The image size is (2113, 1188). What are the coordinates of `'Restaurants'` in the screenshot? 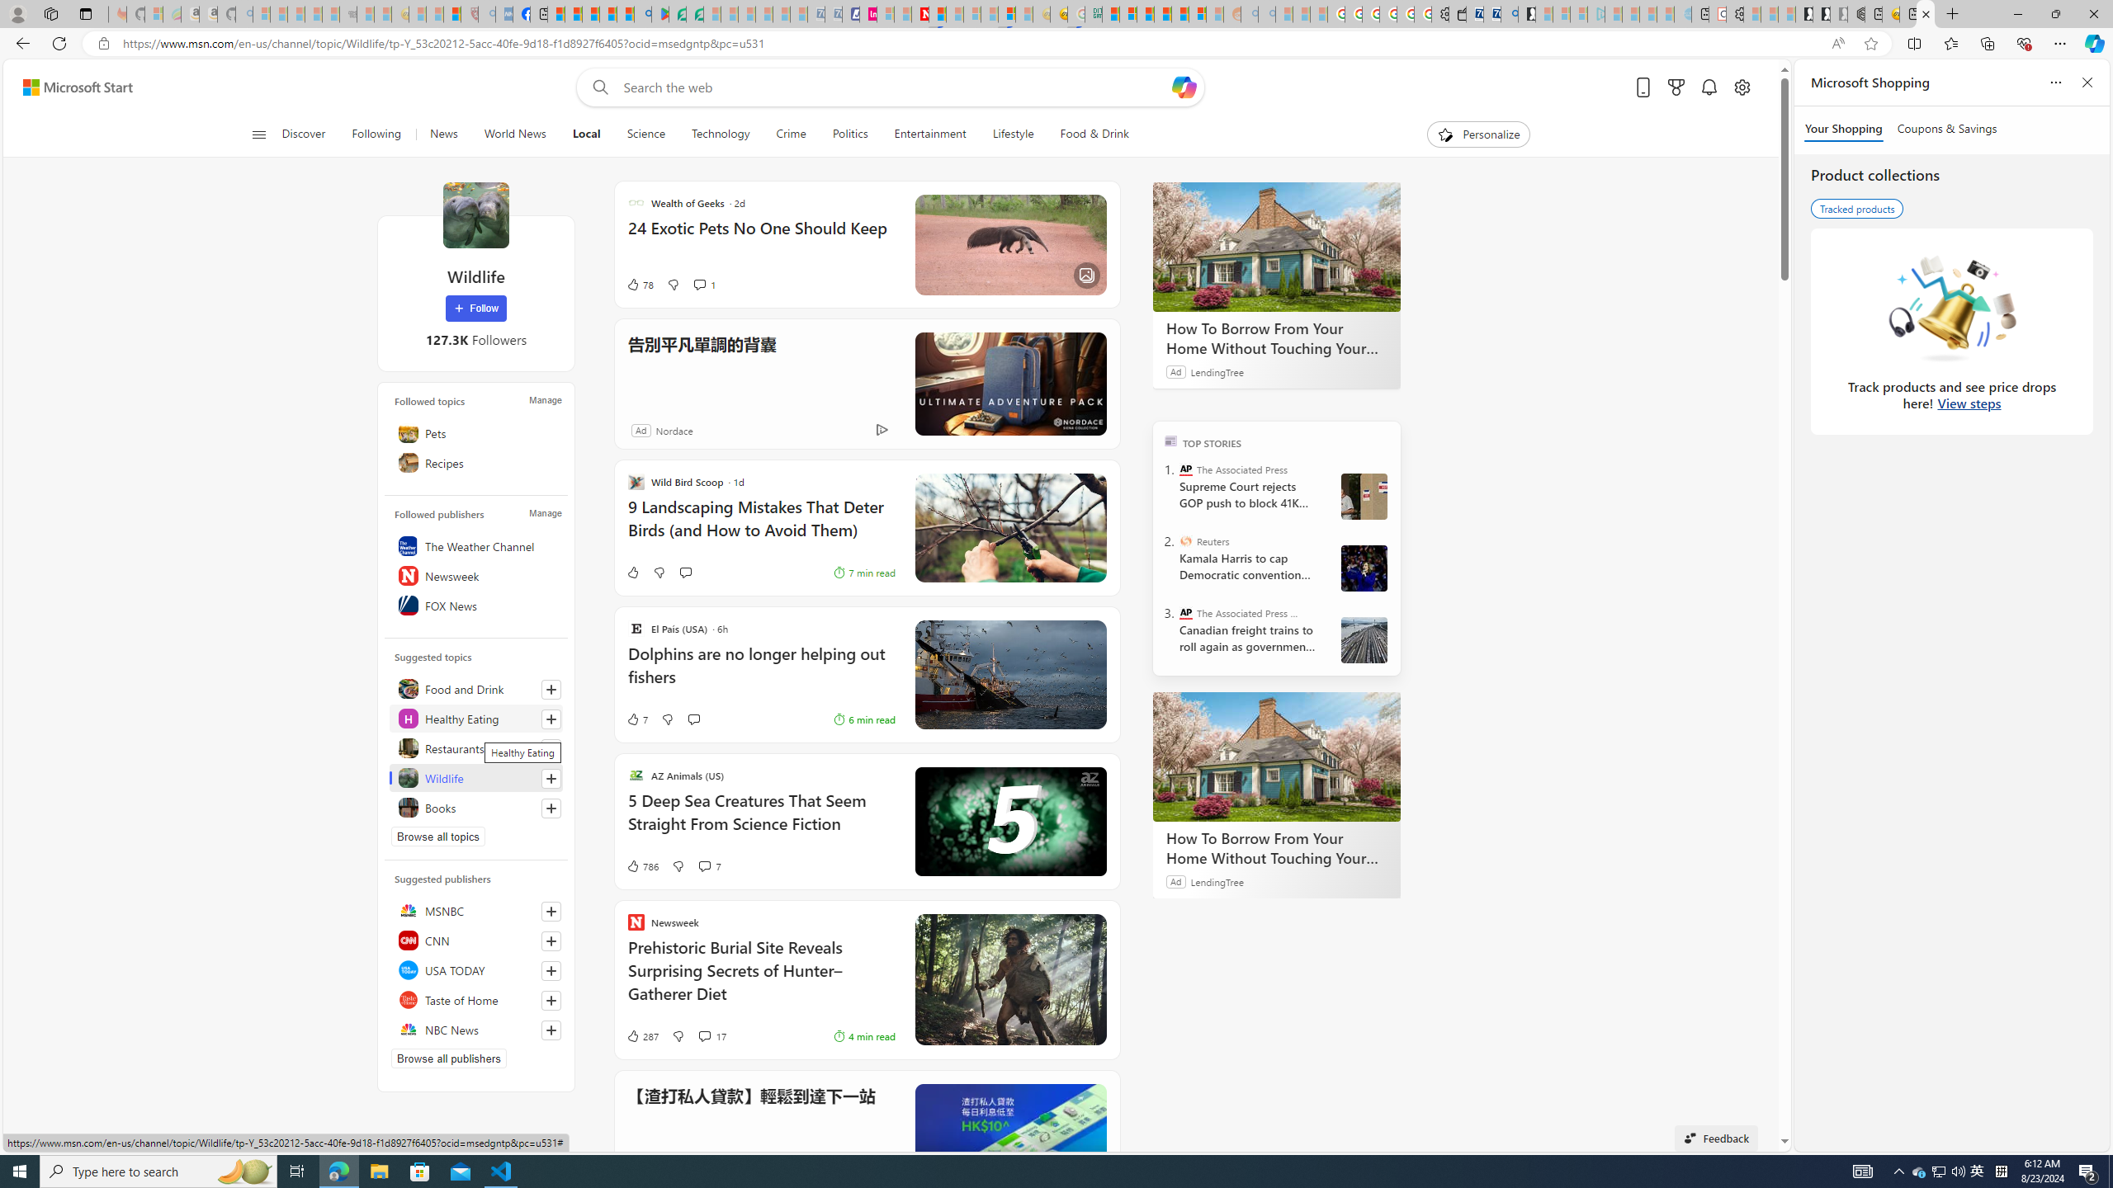 It's located at (475, 748).